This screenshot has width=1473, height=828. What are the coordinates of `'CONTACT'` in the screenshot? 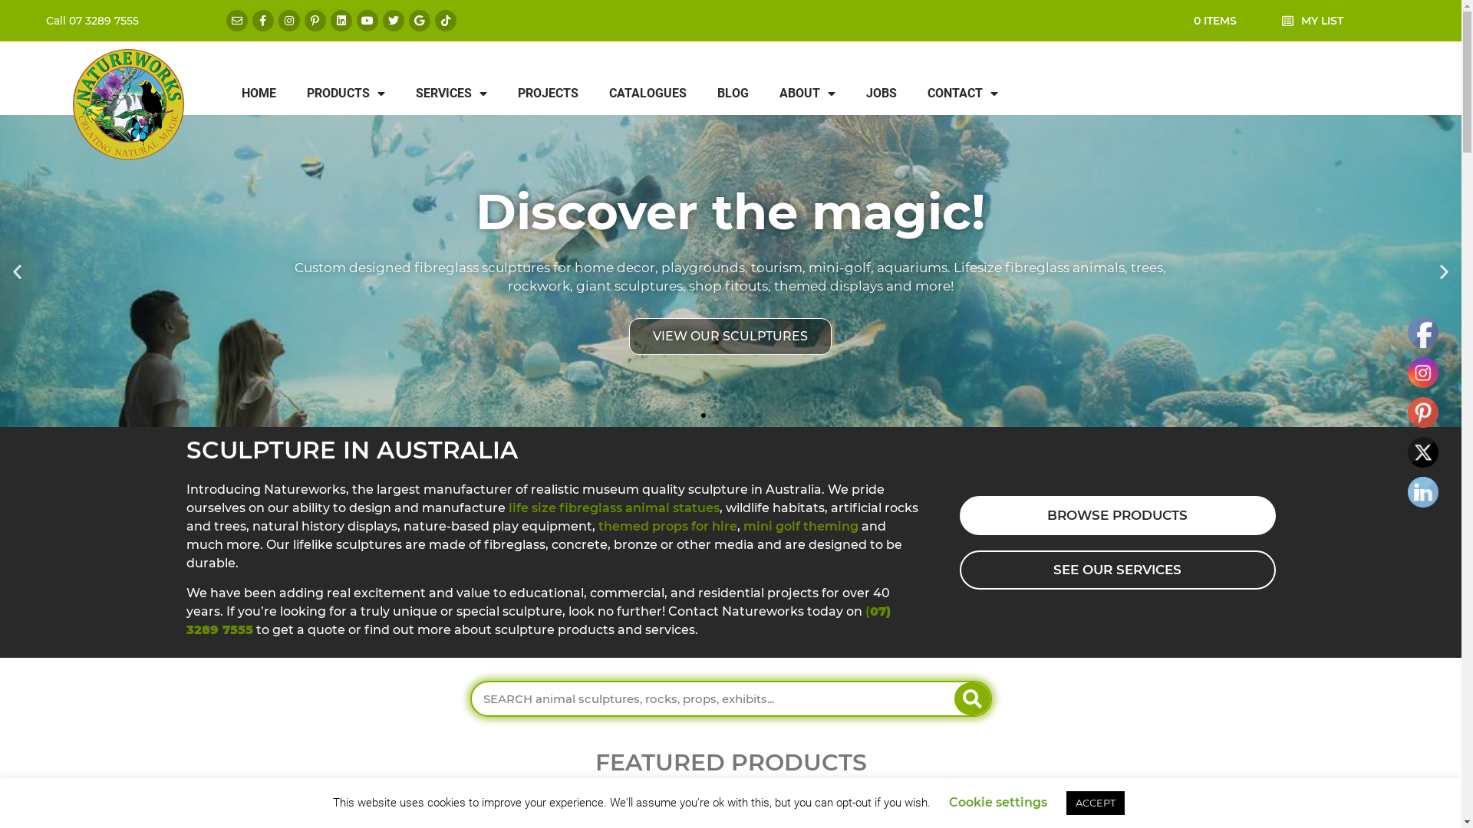 It's located at (961, 94).